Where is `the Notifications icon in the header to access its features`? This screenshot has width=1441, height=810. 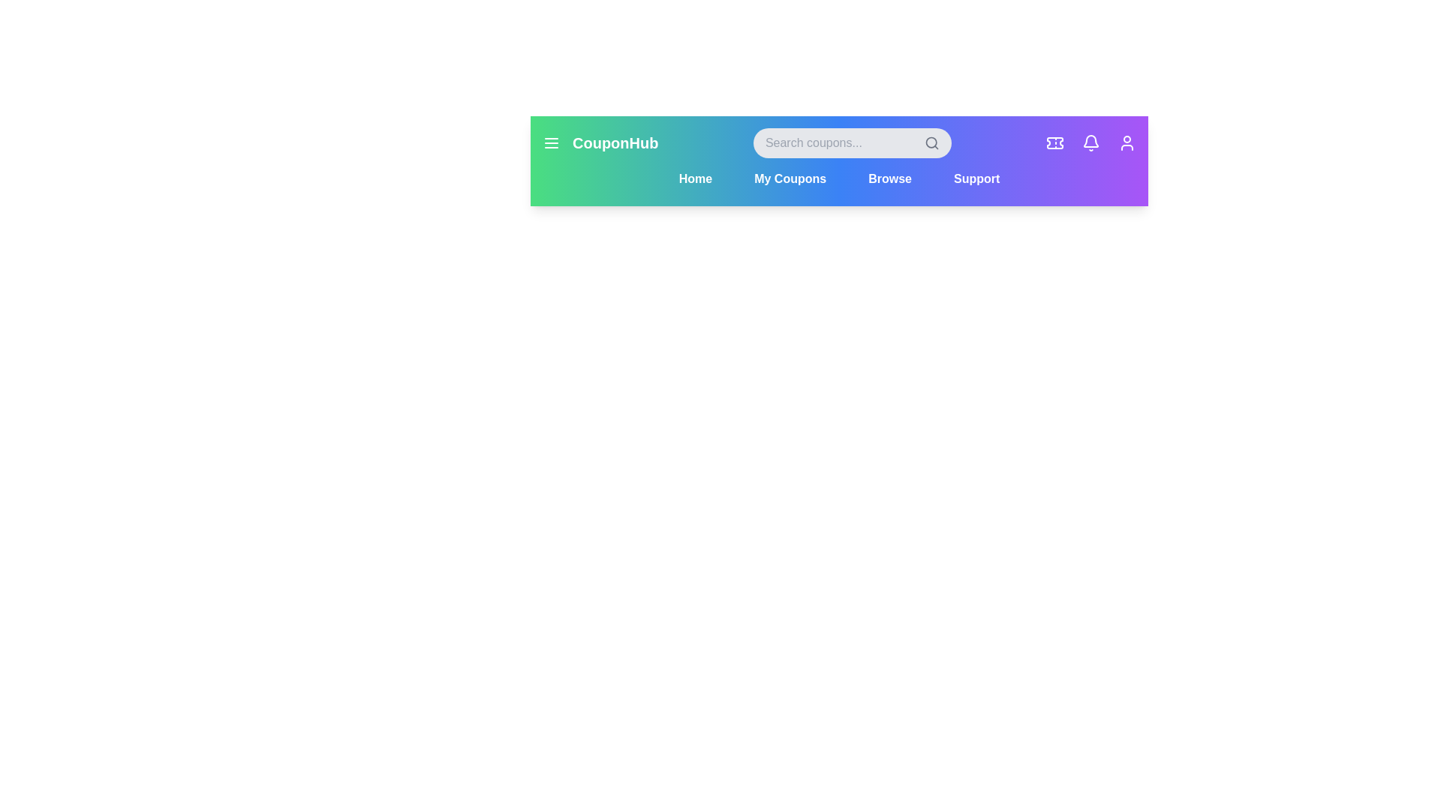
the Notifications icon in the header to access its features is located at coordinates (1091, 143).